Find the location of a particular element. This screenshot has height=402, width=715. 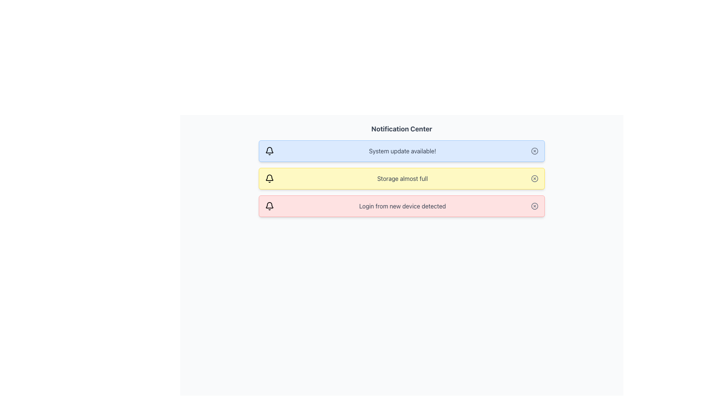

the title text element reading 'Notification Center', which is styled in bold and large dark gray font at the top center of the notification panel is located at coordinates (401, 129).